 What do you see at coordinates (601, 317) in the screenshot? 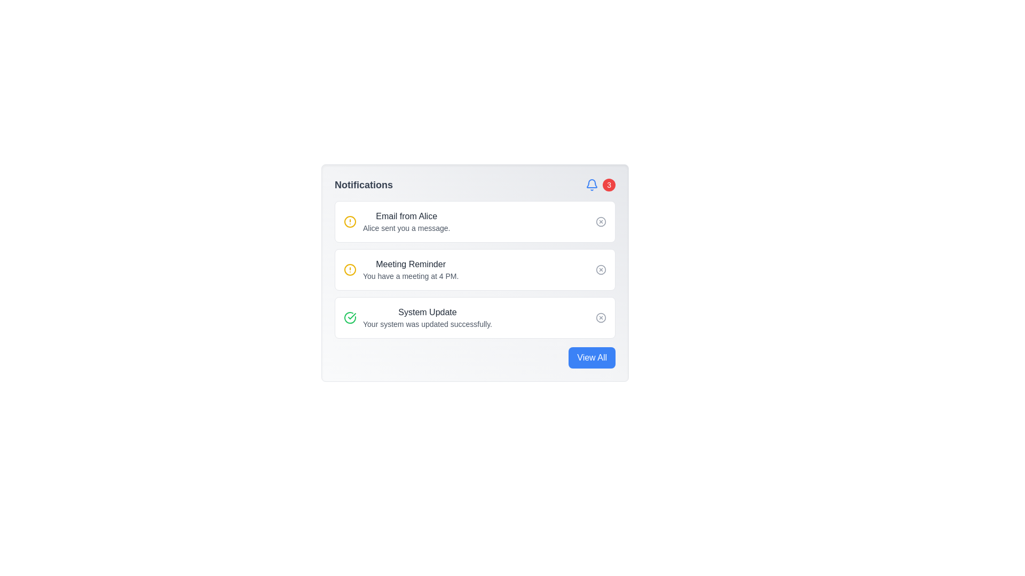
I see `the dismiss button located in the bottom-right corner of the 'System Update' notification card` at bounding box center [601, 317].